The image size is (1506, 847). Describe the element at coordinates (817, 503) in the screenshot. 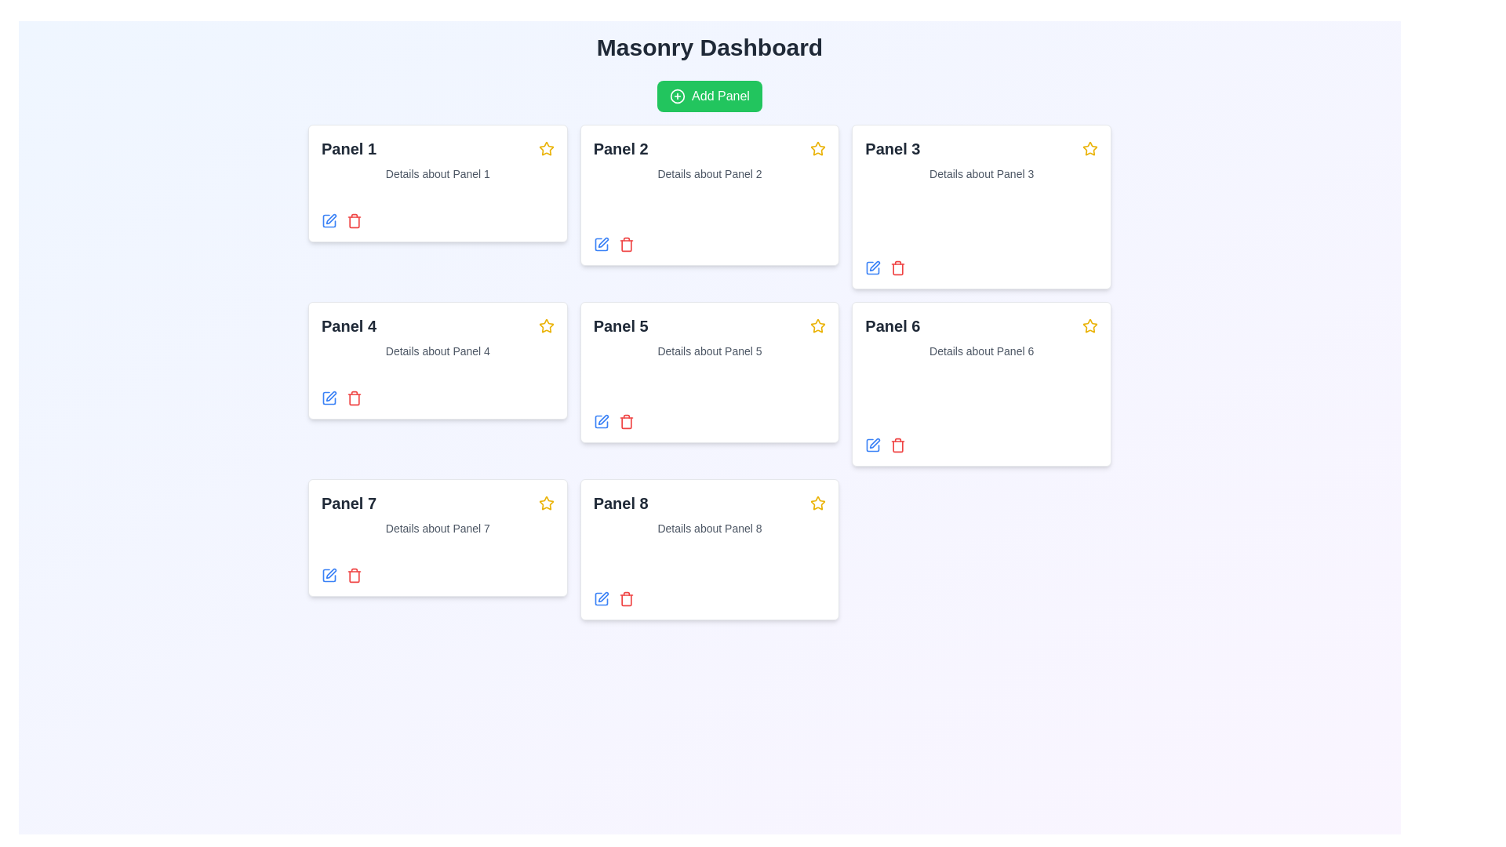

I see `the star icon button with a yellow outline located at the top-right corner of 'Panel 6'` at that location.